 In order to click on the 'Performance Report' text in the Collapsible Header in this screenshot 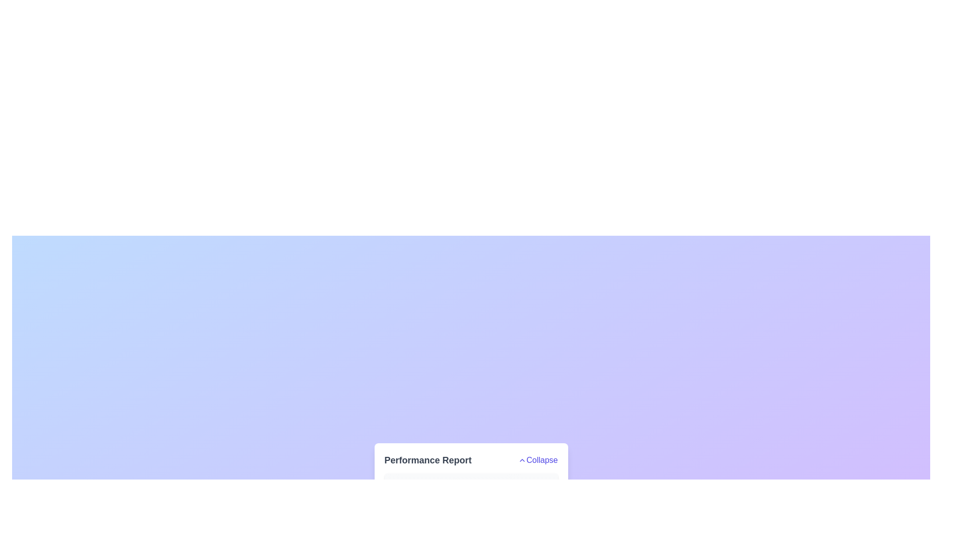, I will do `click(470, 460)`.